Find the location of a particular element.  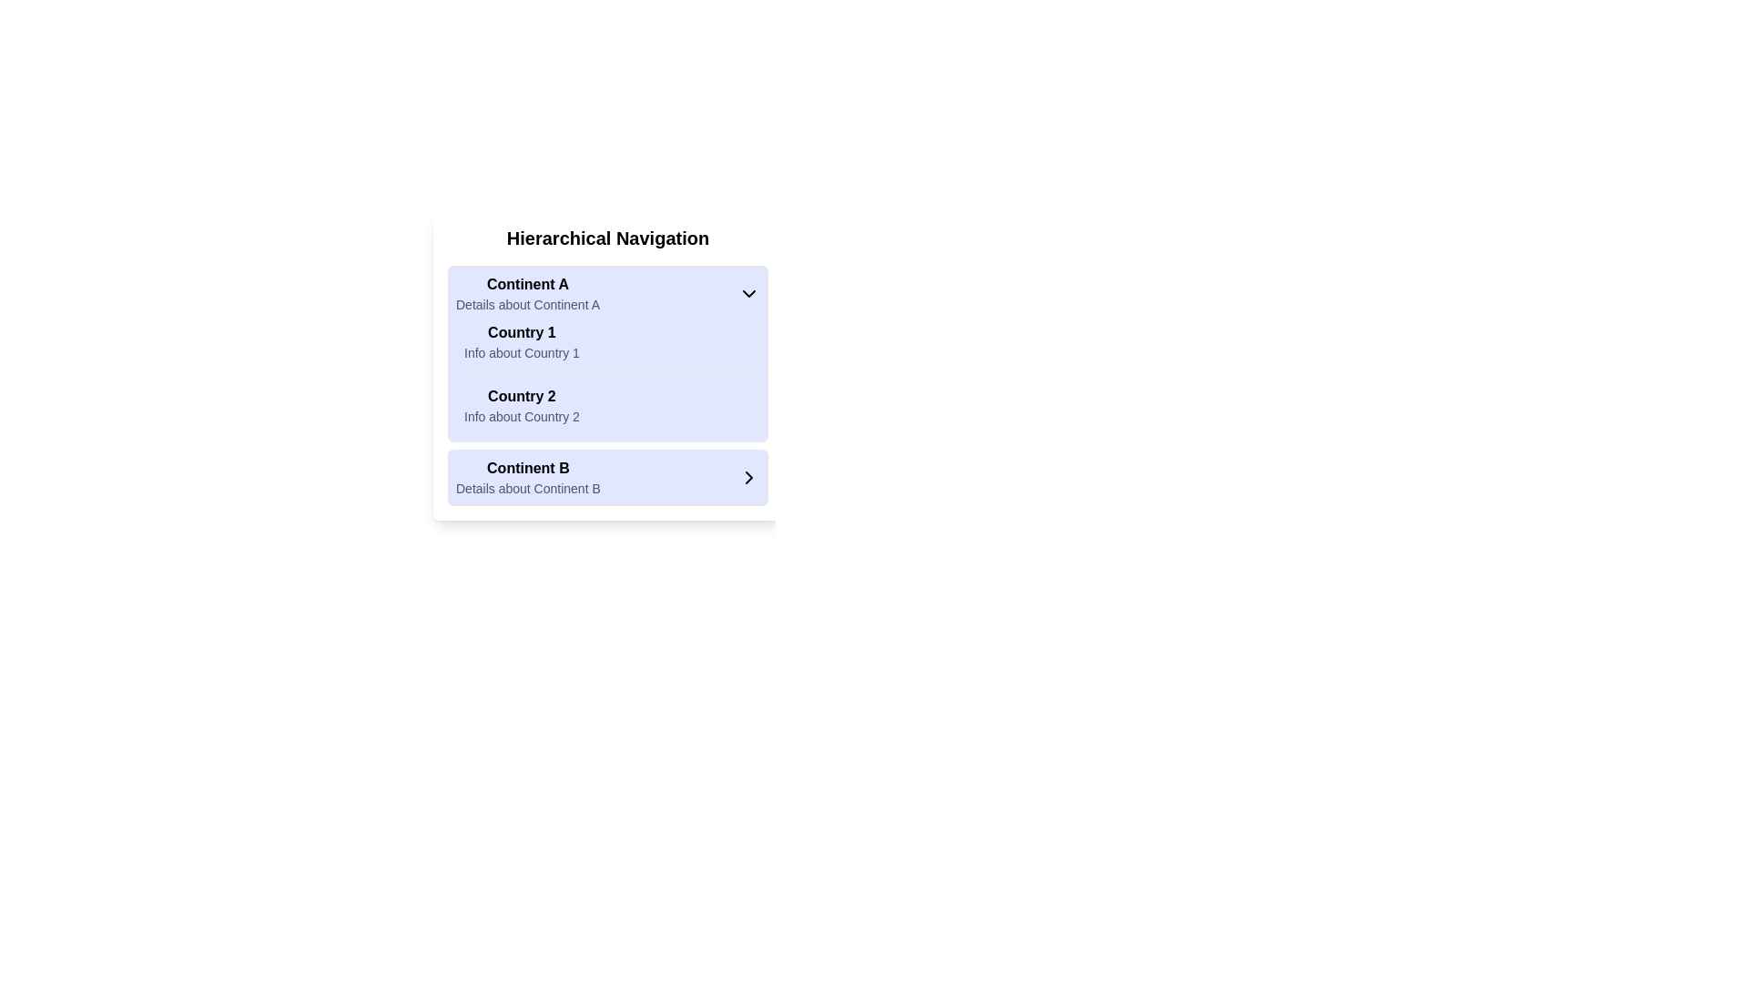

the chevron icon for expanding or collapsing details related to 'Continent A', which is located at the far right of the section aligning with the text 'Details about Continent A.' is located at coordinates (748, 293).